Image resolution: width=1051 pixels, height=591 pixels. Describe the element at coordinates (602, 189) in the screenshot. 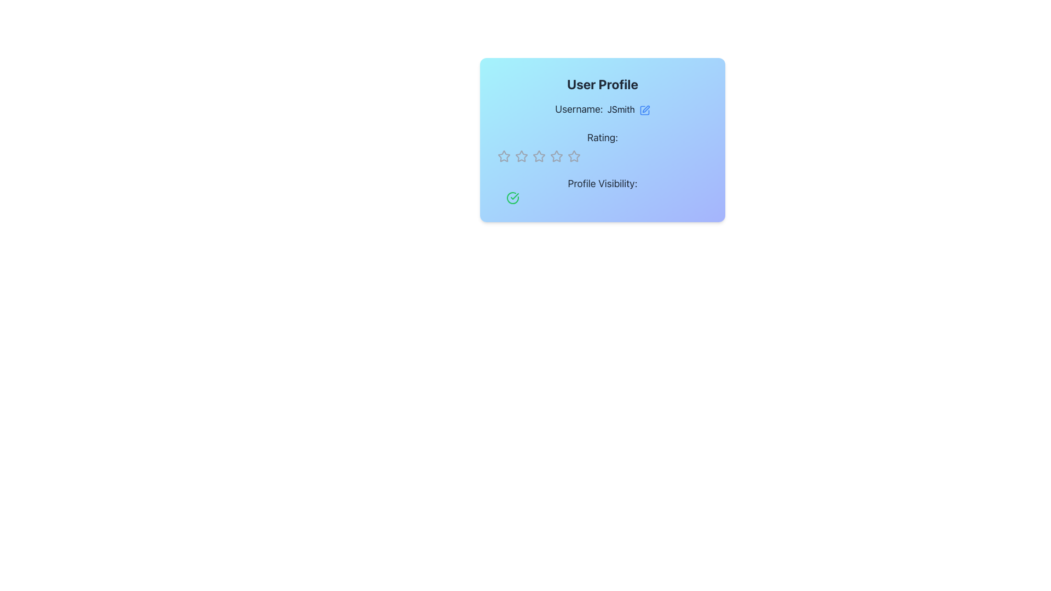

I see `visibility status indicated by the Label with icon featuring a green checkmark, located as the fourth element within the user profile card below the 'Rating:' section` at that location.